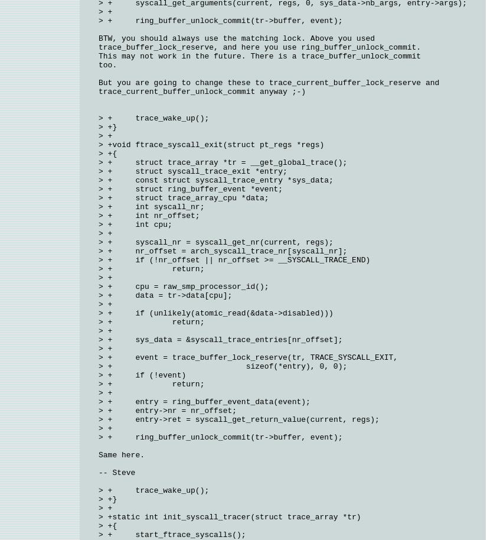 The width and height of the screenshot is (487, 540). Describe the element at coordinates (98, 56) in the screenshot. I see `'This may not work in the future. There is a trace_buffer_unlock_commit'` at that location.